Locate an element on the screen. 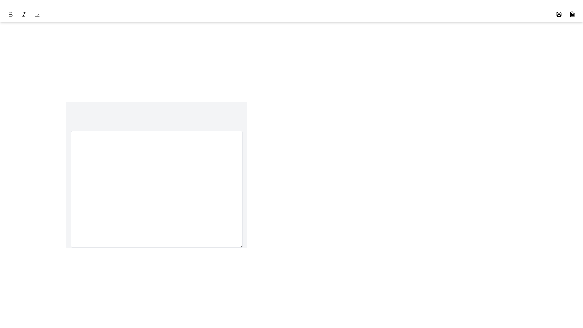  the italic formatting Icon Button located between the Bold and Underline buttons at the top left of the interface is located at coordinates (24, 14).